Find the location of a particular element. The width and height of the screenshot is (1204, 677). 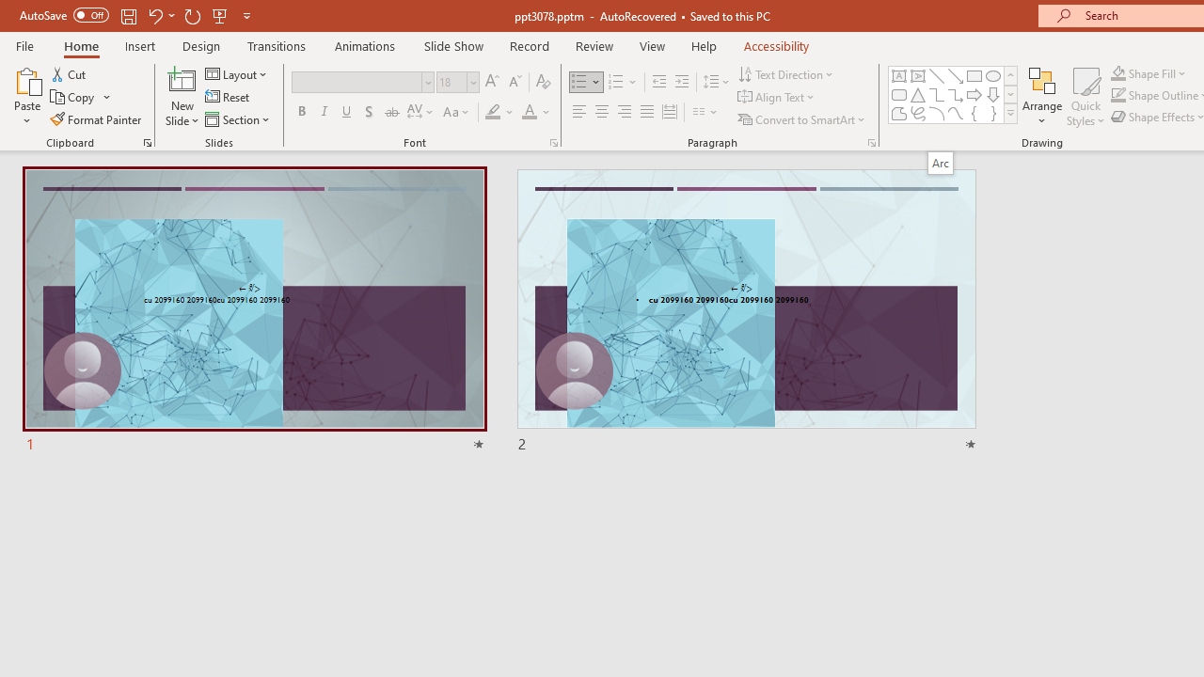

'Strikethrough' is located at coordinates (390, 112).